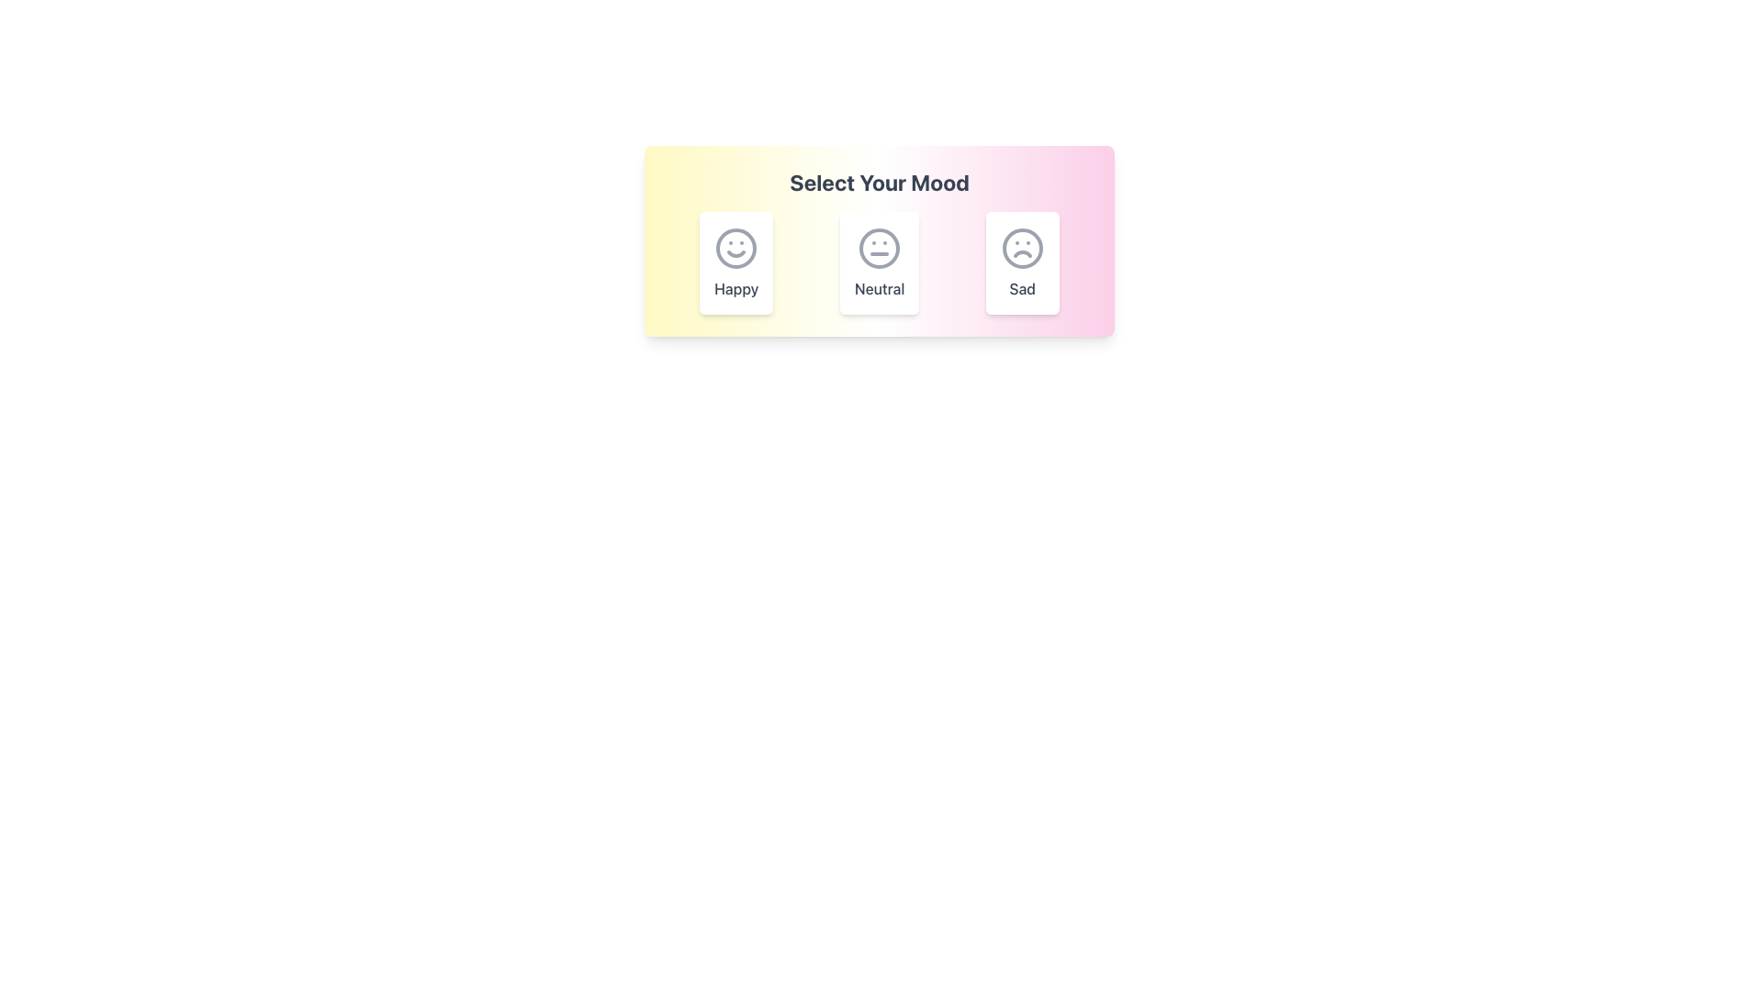 Image resolution: width=1763 pixels, height=991 pixels. I want to click on the gray frowning face icon located in the third mood selection card labeled 'Sad' on the far right of the interface, so click(1021, 248).